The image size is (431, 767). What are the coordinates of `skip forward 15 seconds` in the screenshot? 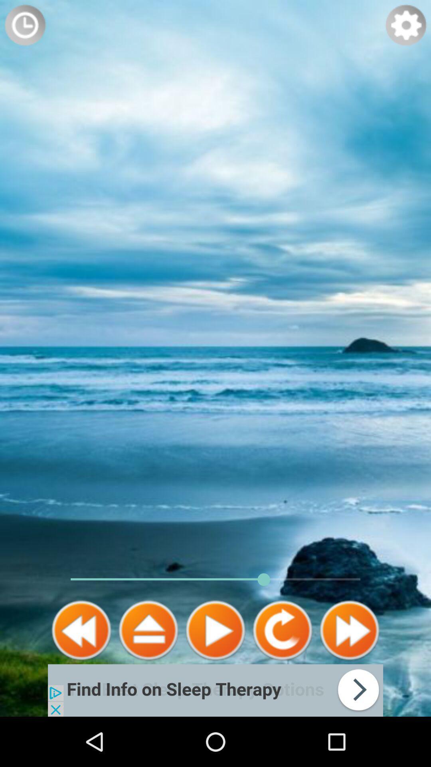 It's located at (282, 630).